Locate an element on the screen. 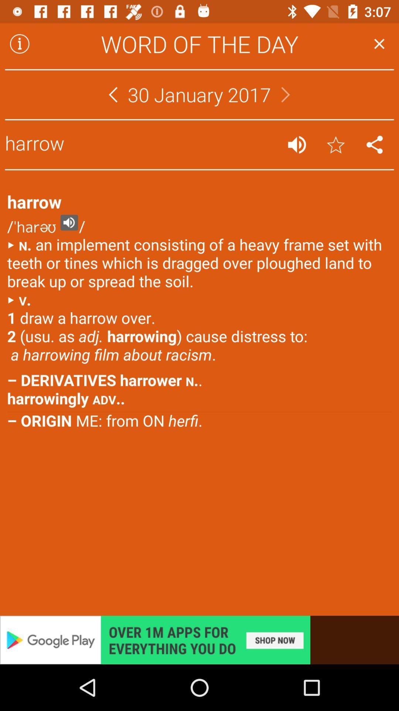  sound is located at coordinates (296, 144).